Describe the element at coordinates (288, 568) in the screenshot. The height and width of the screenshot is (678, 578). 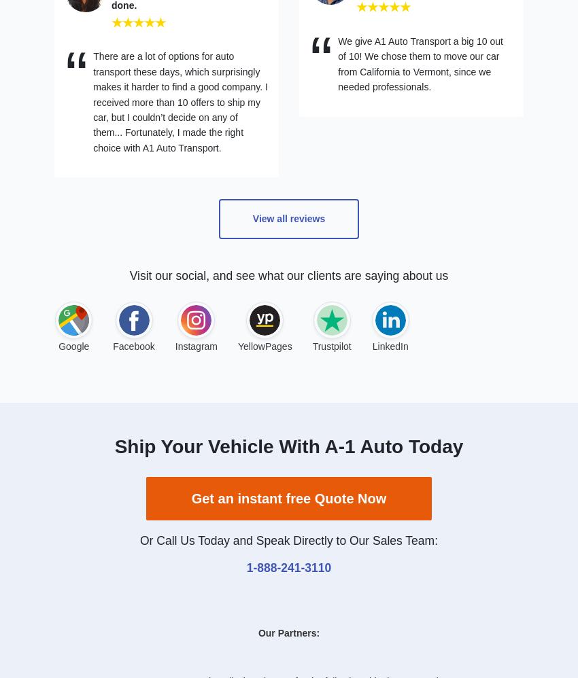
I see `'1-888-241-3110'` at that location.